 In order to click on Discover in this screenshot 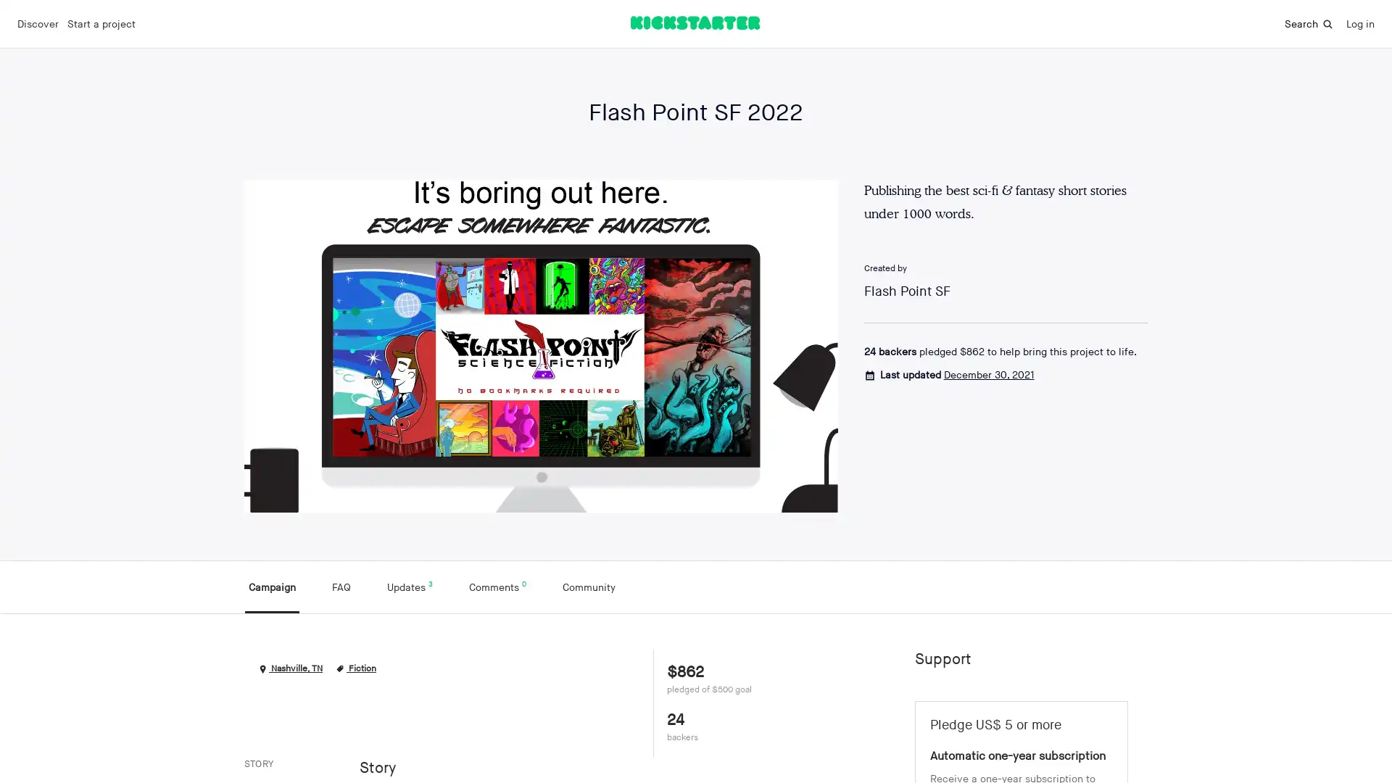, I will do `click(38, 24)`.